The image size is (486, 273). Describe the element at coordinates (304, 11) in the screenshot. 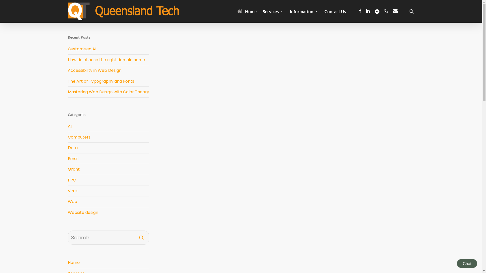

I see `'Information'` at that location.